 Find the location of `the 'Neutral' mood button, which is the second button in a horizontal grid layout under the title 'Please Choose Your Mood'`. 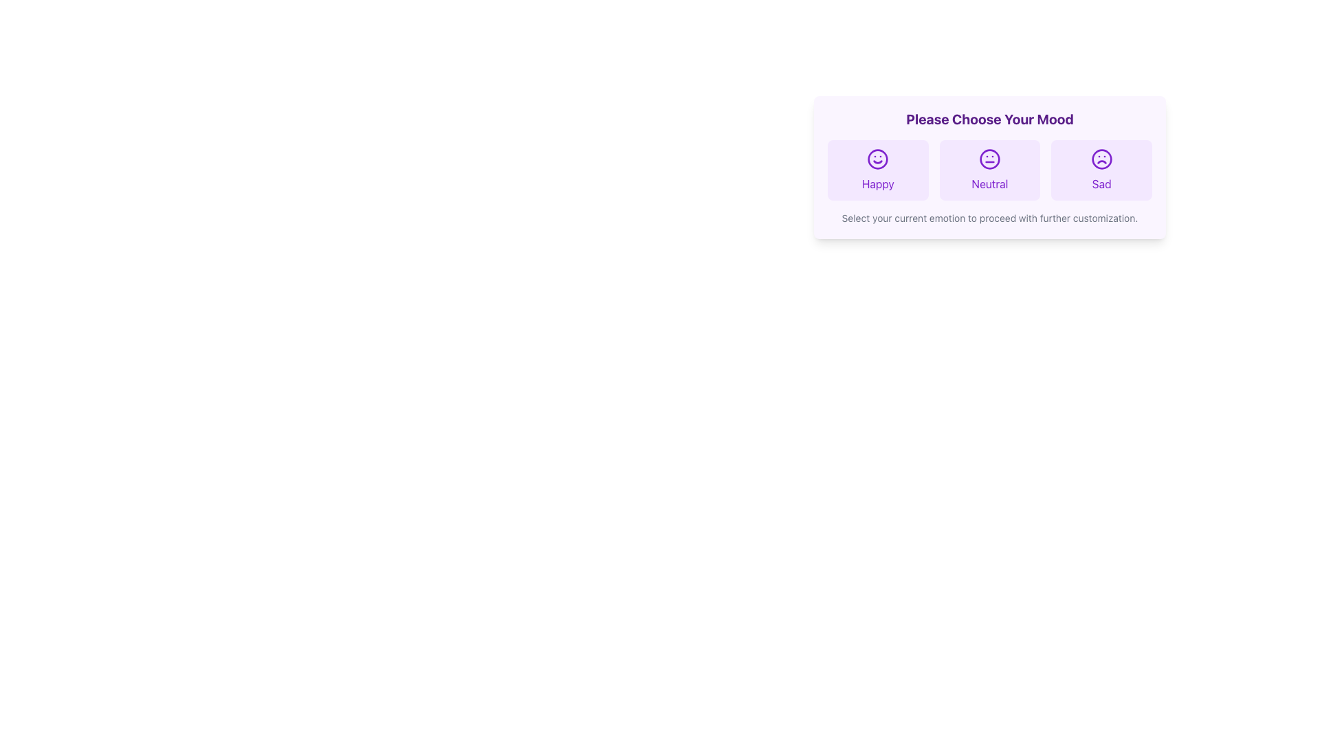

the 'Neutral' mood button, which is the second button in a horizontal grid layout under the title 'Please Choose Your Mood' is located at coordinates (990, 169).